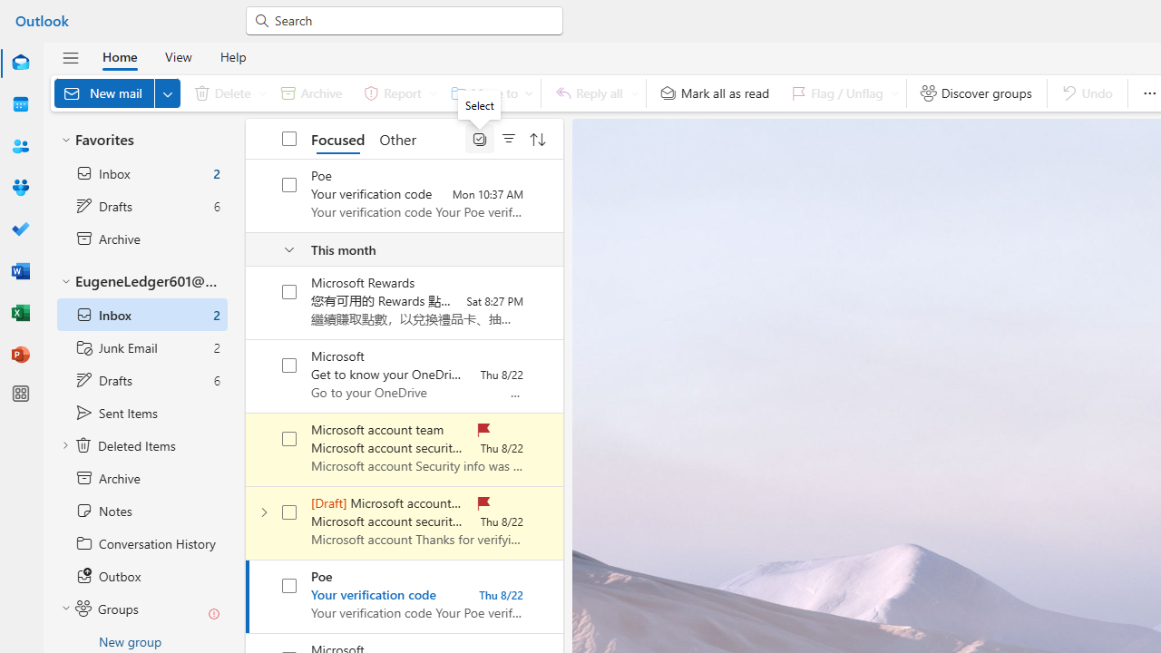 The image size is (1161, 653). Describe the element at coordinates (21, 356) in the screenshot. I see `'PowerPoint'` at that location.